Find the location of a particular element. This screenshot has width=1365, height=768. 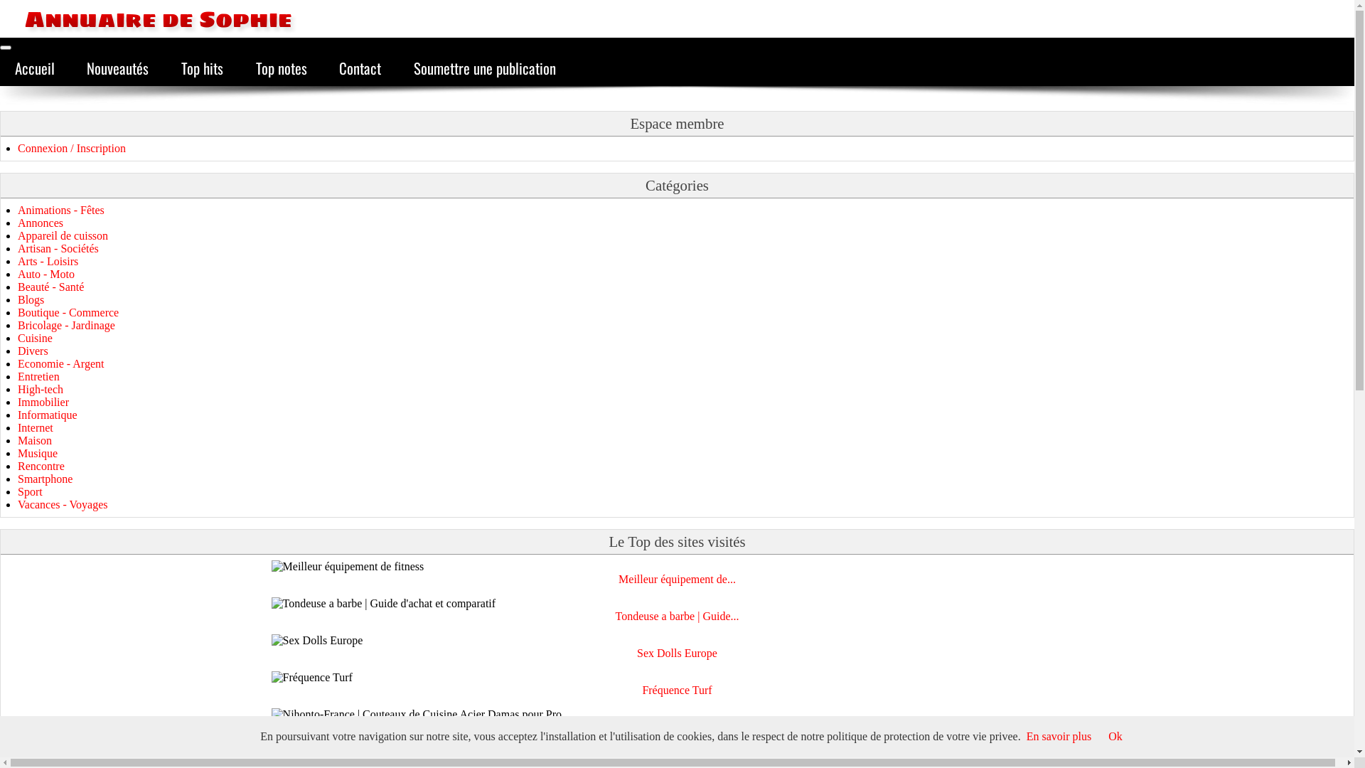

'Bricolage - Jardinage' is located at coordinates (65, 325).